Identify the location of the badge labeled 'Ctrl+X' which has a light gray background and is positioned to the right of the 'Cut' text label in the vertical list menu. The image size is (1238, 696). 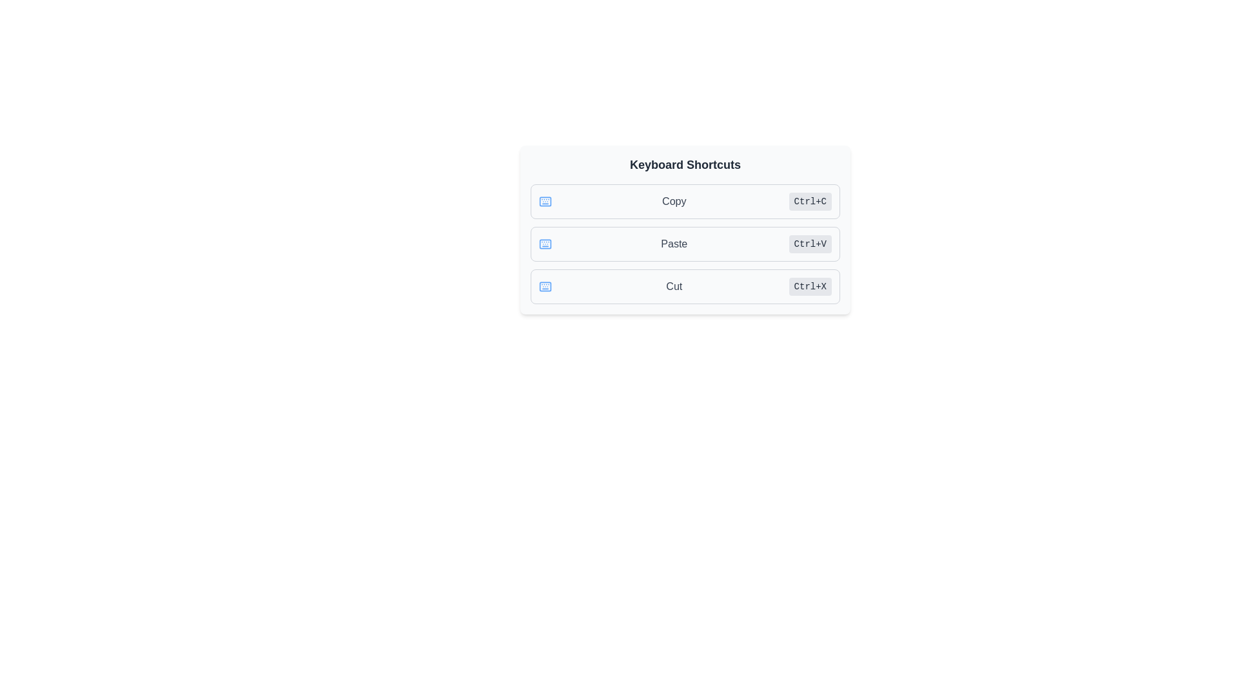
(809, 285).